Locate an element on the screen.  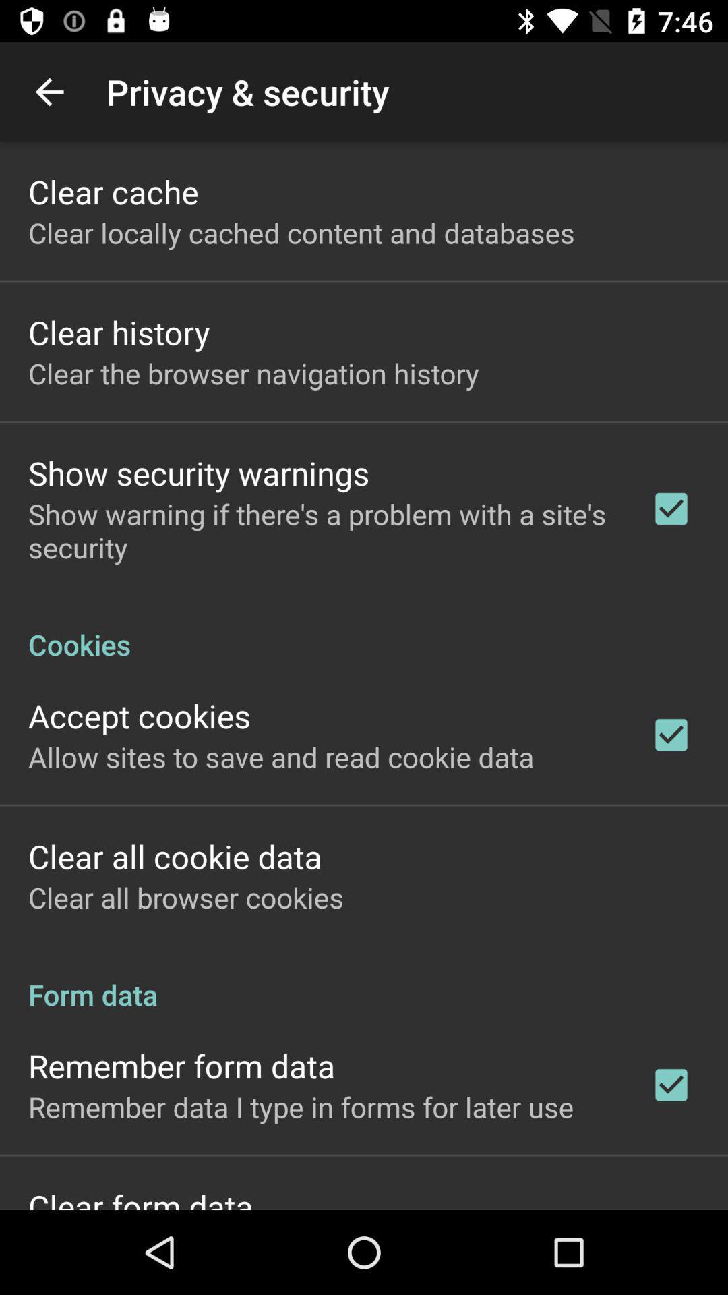
clear locally cached app is located at coordinates (301, 233).